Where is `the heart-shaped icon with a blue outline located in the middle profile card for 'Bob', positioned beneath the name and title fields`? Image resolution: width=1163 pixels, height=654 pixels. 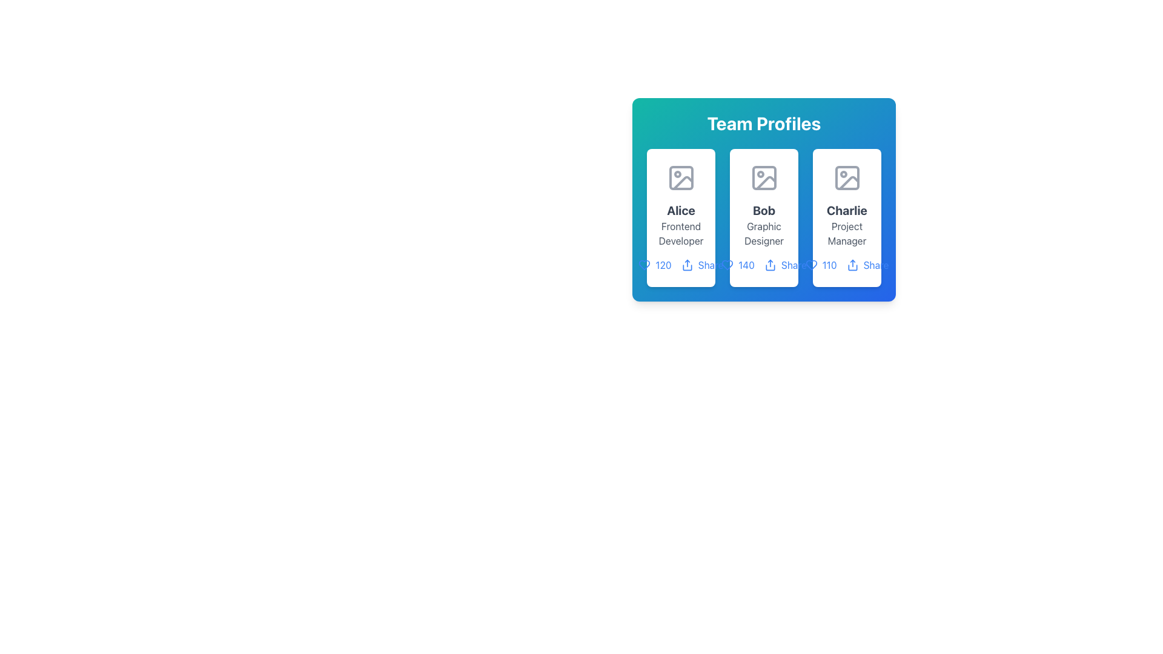 the heart-shaped icon with a blue outline located in the middle profile card for 'Bob', positioned beneath the name and title fields is located at coordinates (727, 265).